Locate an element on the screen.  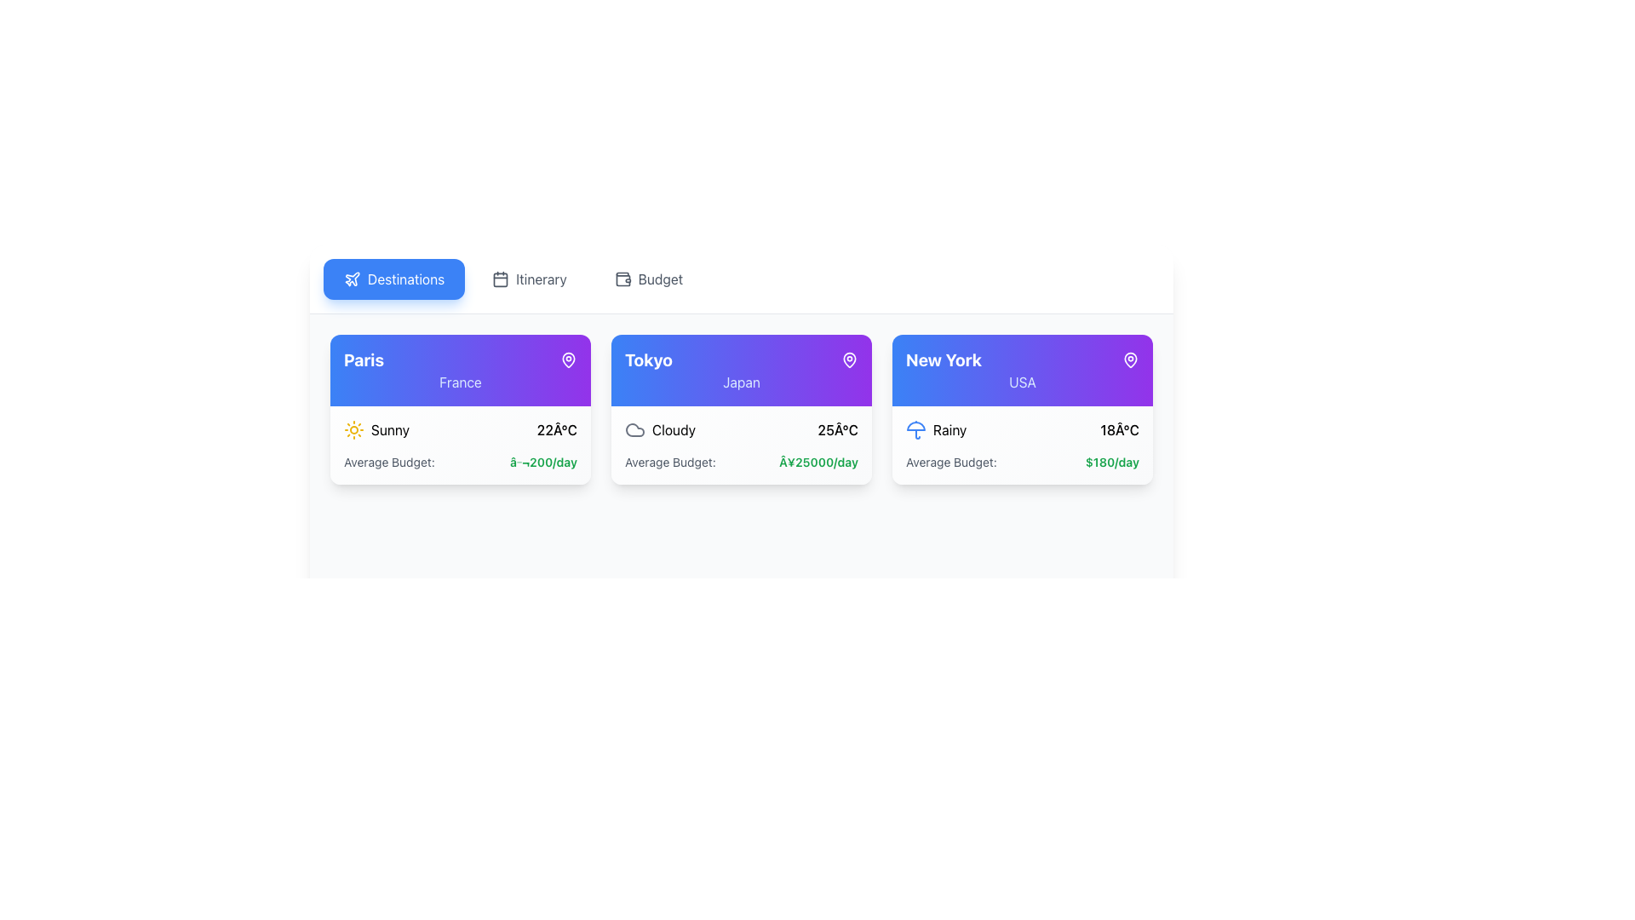
the weather information displayed in the informational label with an icon located at the top center of the 'Paris, France' card, which includes the description 'Sunny' and temperature '22°C' is located at coordinates (461, 429).